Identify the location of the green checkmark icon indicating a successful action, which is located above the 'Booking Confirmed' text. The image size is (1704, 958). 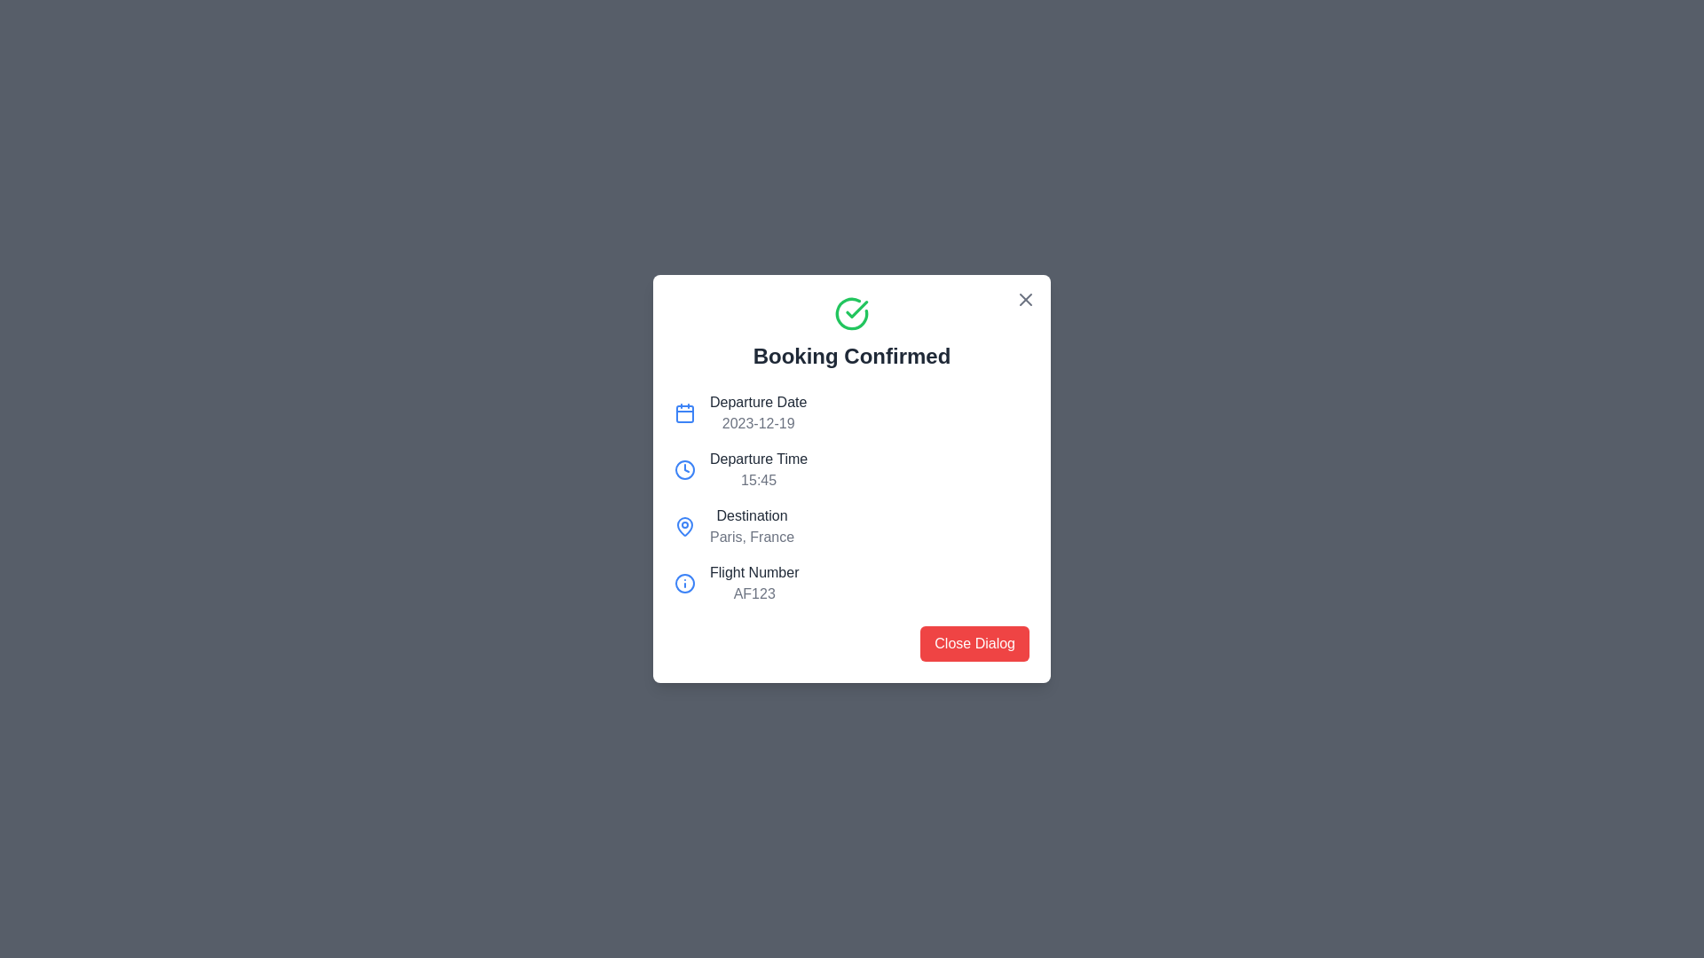
(856, 308).